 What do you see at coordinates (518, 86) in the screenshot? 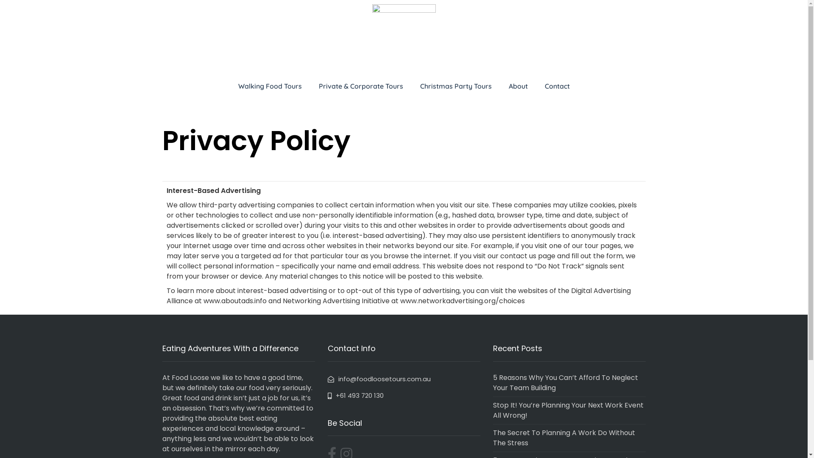
I see `'About'` at bounding box center [518, 86].